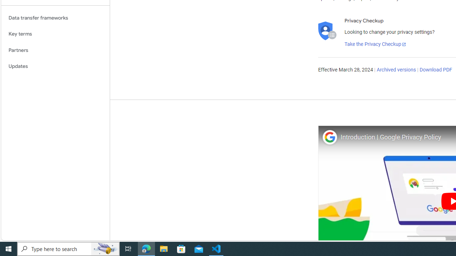  I want to click on 'Key terms', so click(55, 34).